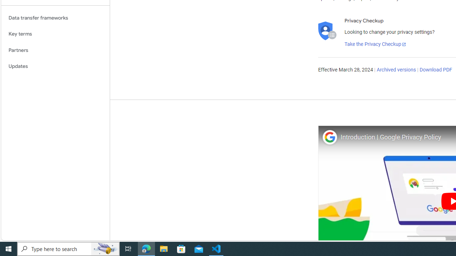  I want to click on 'Key terms', so click(55, 34).